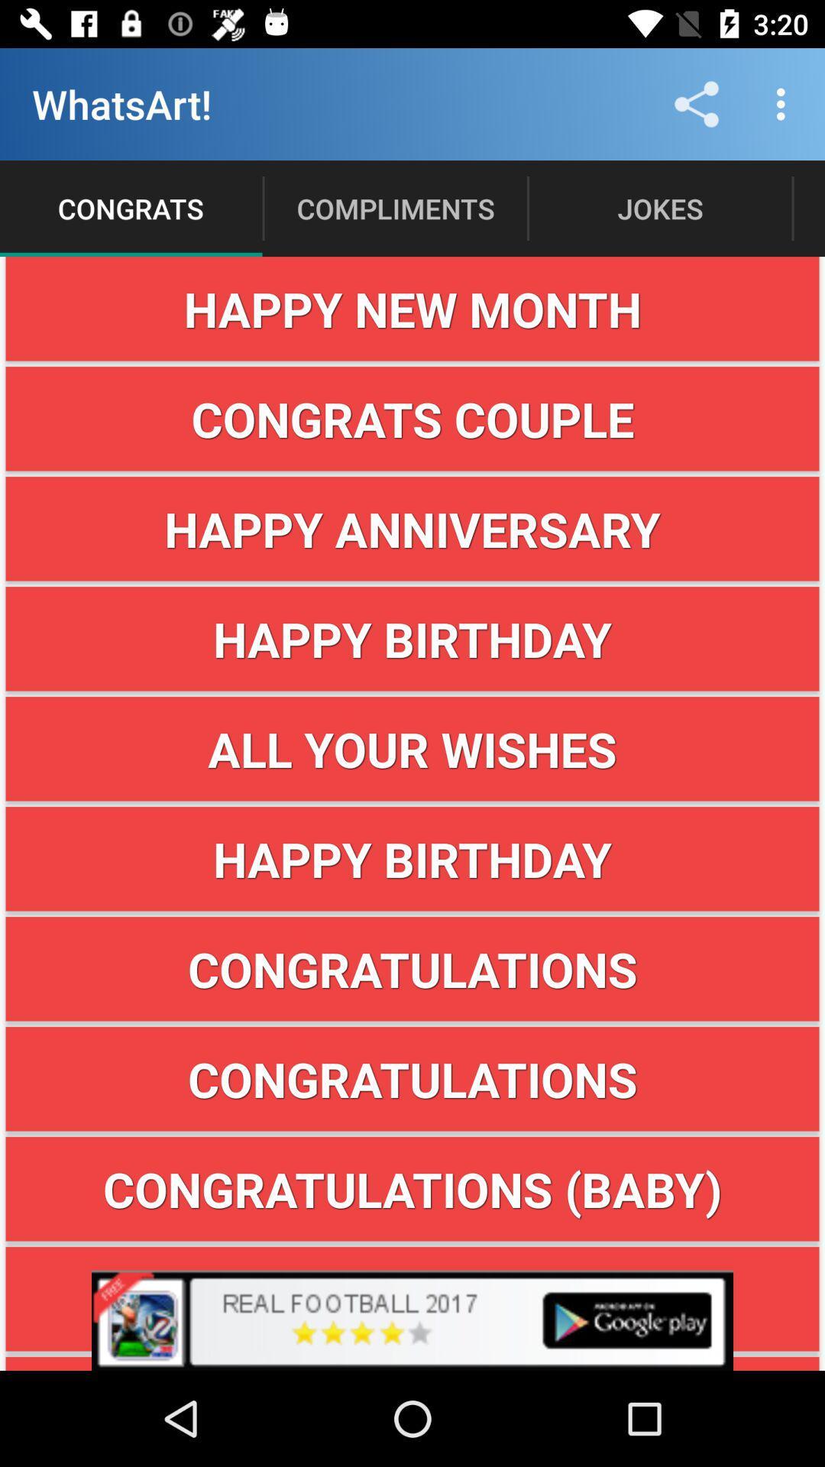  I want to click on the icon above the happy birthday item, so click(412, 749).